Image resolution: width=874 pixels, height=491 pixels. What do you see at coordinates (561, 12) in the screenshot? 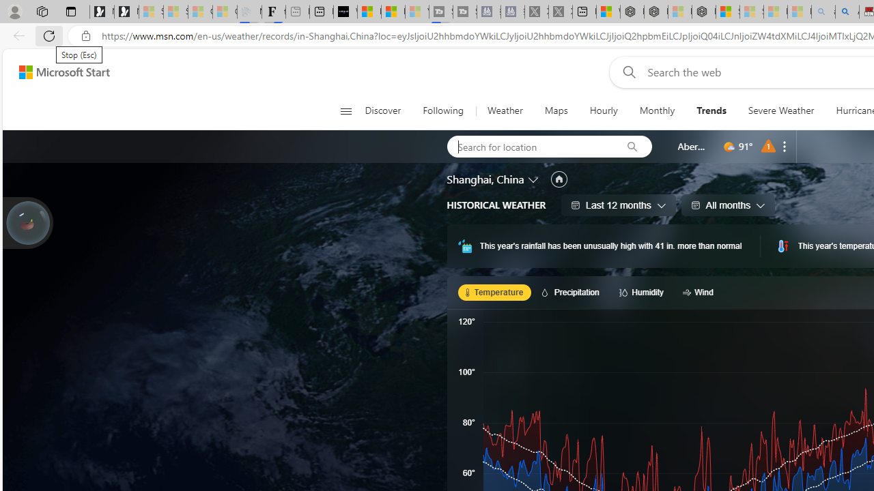
I see `'X - Sleeping'` at bounding box center [561, 12].